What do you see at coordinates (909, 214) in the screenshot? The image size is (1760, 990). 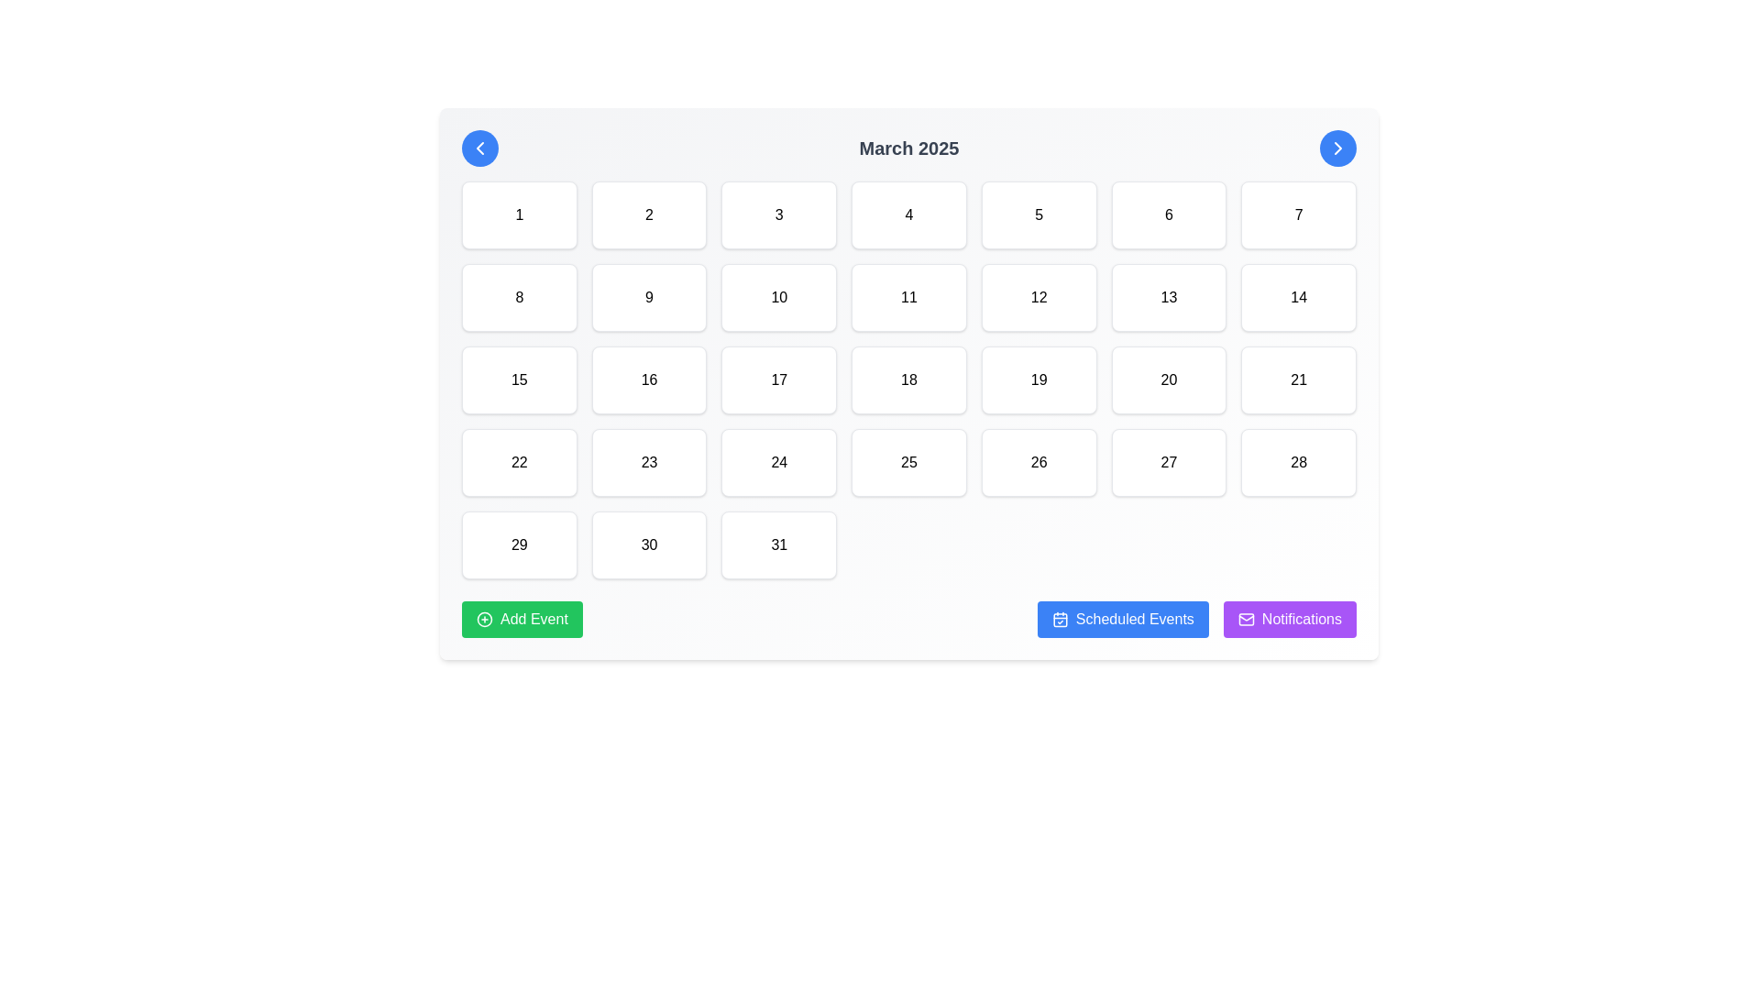 I see `the button displaying the number '4' in the fourth column of the top row in a grid layout` at bounding box center [909, 214].